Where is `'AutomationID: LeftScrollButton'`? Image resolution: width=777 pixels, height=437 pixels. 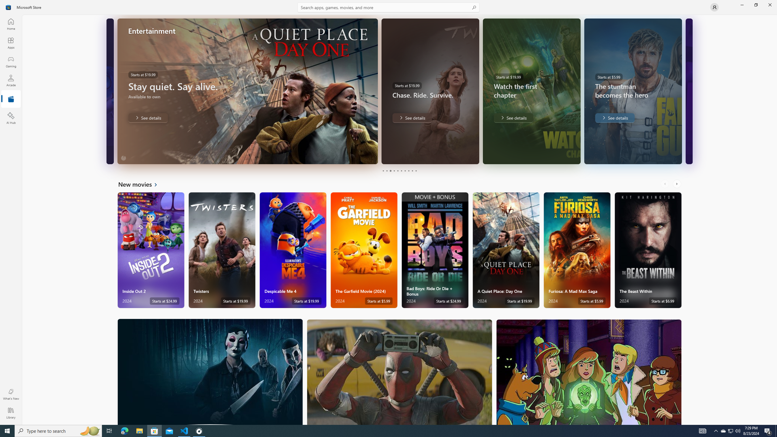
'AutomationID: LeftScrollButton' is located at coordinates (665, 184).